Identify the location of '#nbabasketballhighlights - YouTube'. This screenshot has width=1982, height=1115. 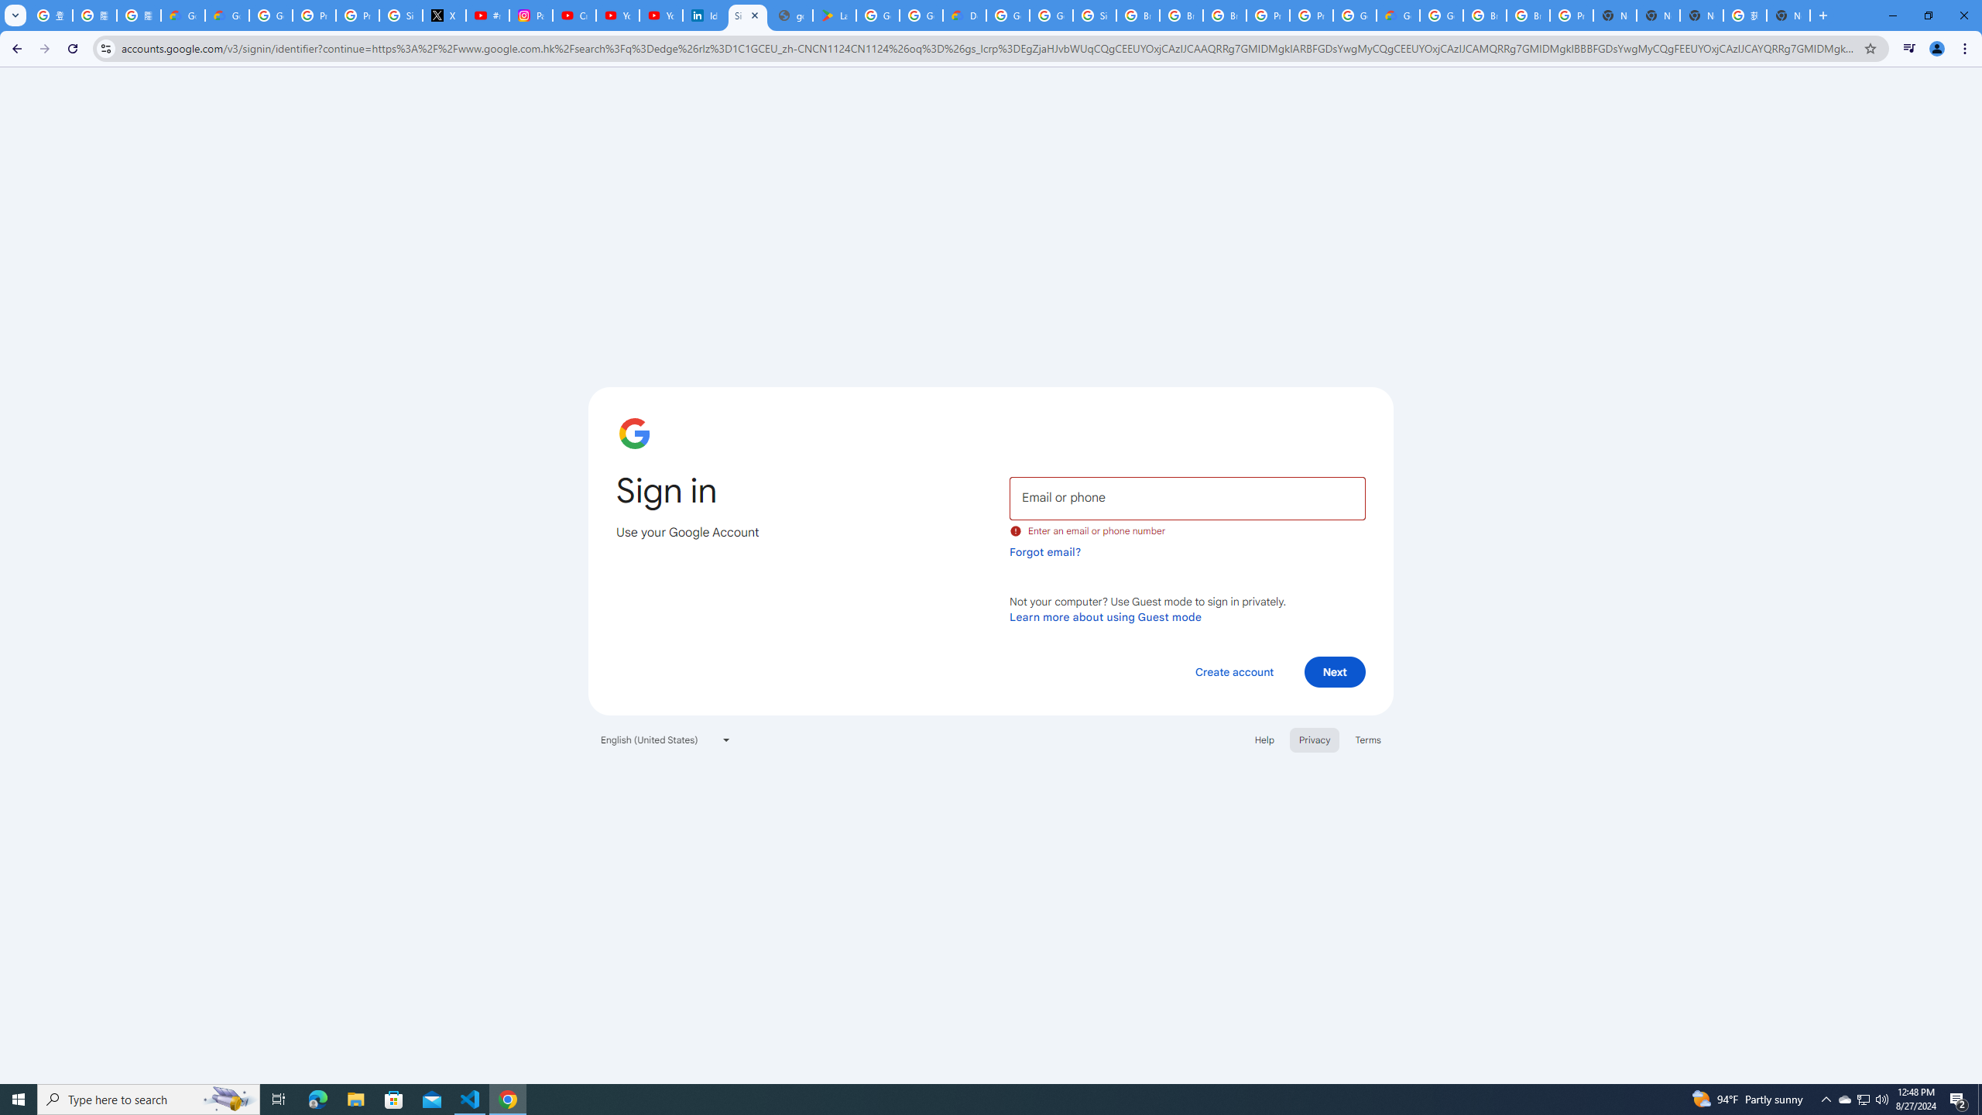
(489, 15).